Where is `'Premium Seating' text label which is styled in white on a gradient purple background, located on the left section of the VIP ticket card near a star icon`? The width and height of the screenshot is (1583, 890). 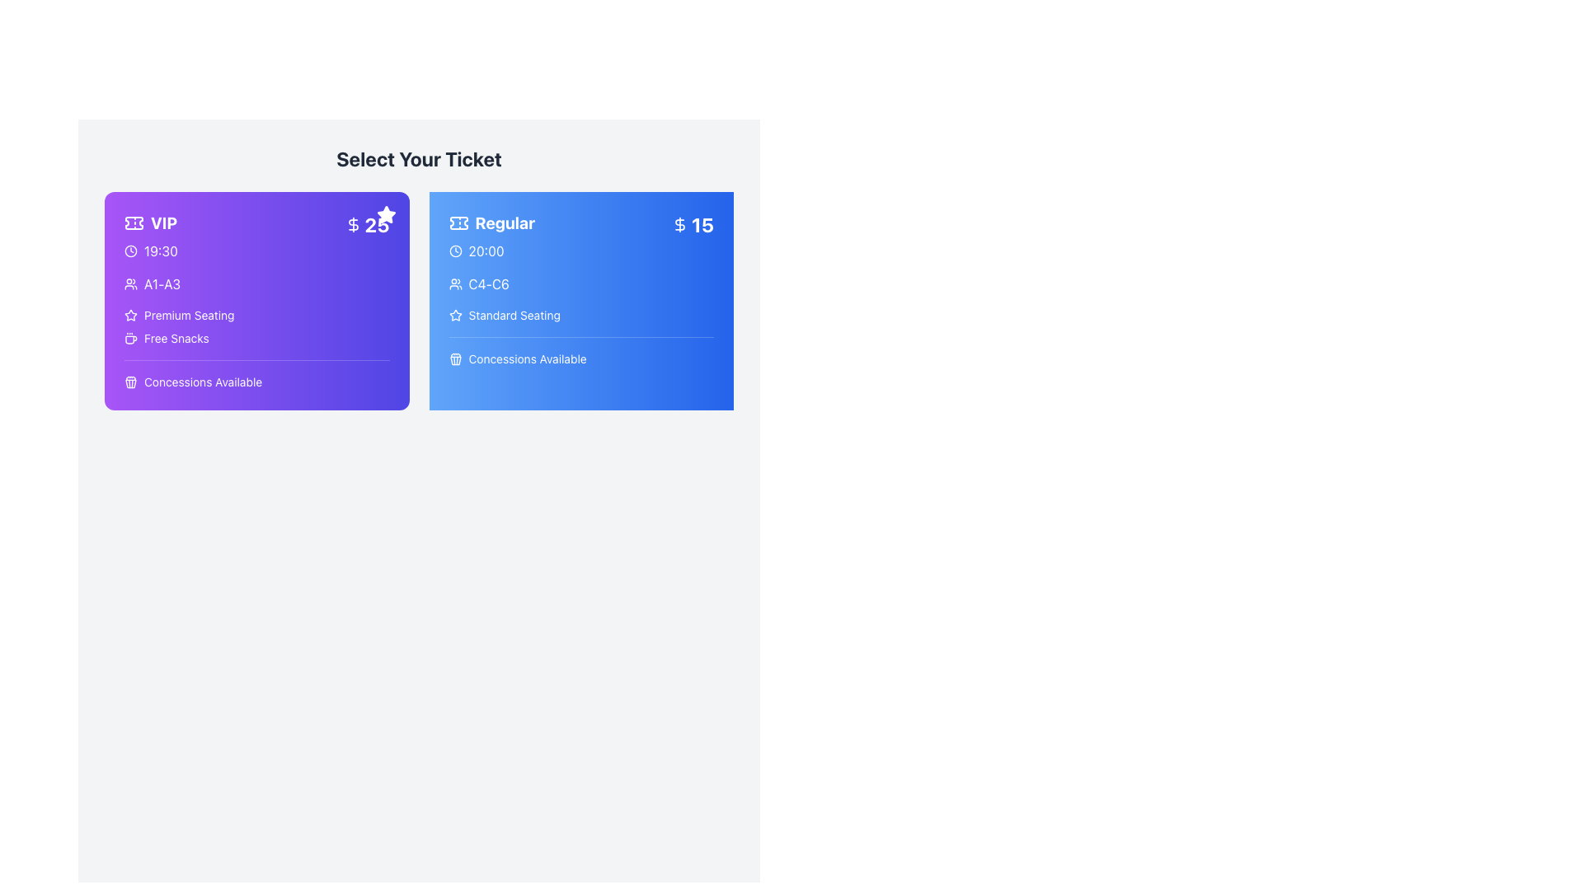 'Premium Seating' text label which is styled in white on a gradient purple background, located on the left section of the VIP ticket card near a star icon is located at coordinates (189, 315).